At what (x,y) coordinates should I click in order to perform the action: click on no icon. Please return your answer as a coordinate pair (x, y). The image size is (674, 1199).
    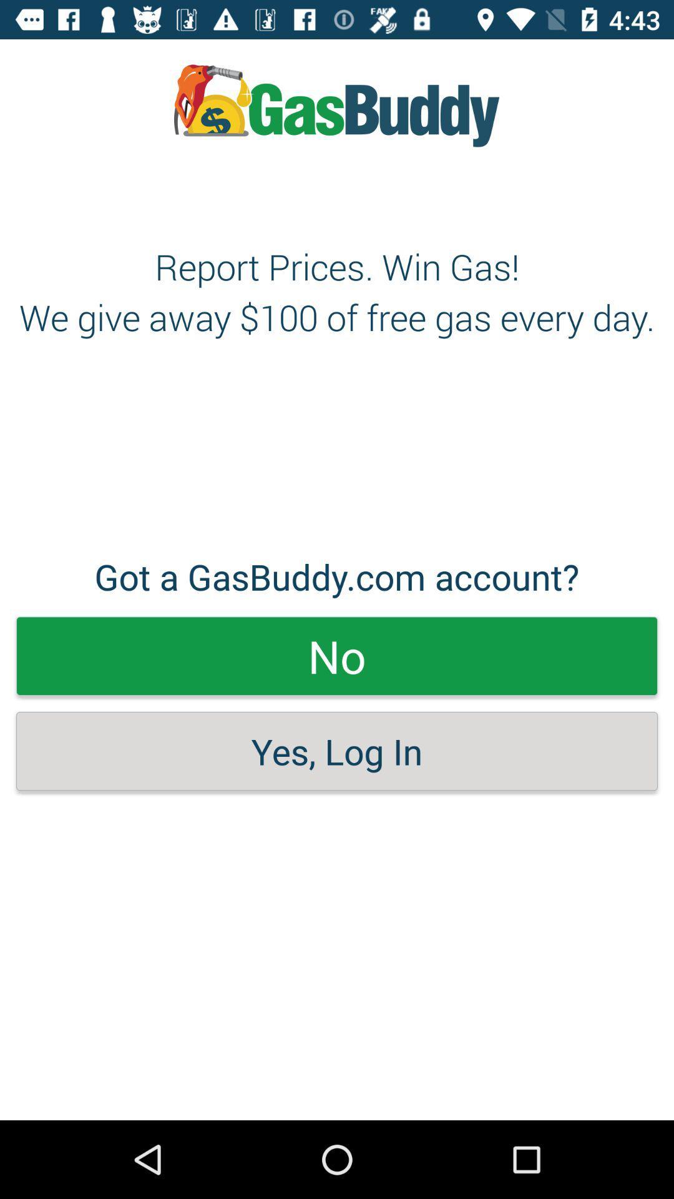
    Looking at the image, I should click on (337, 655).